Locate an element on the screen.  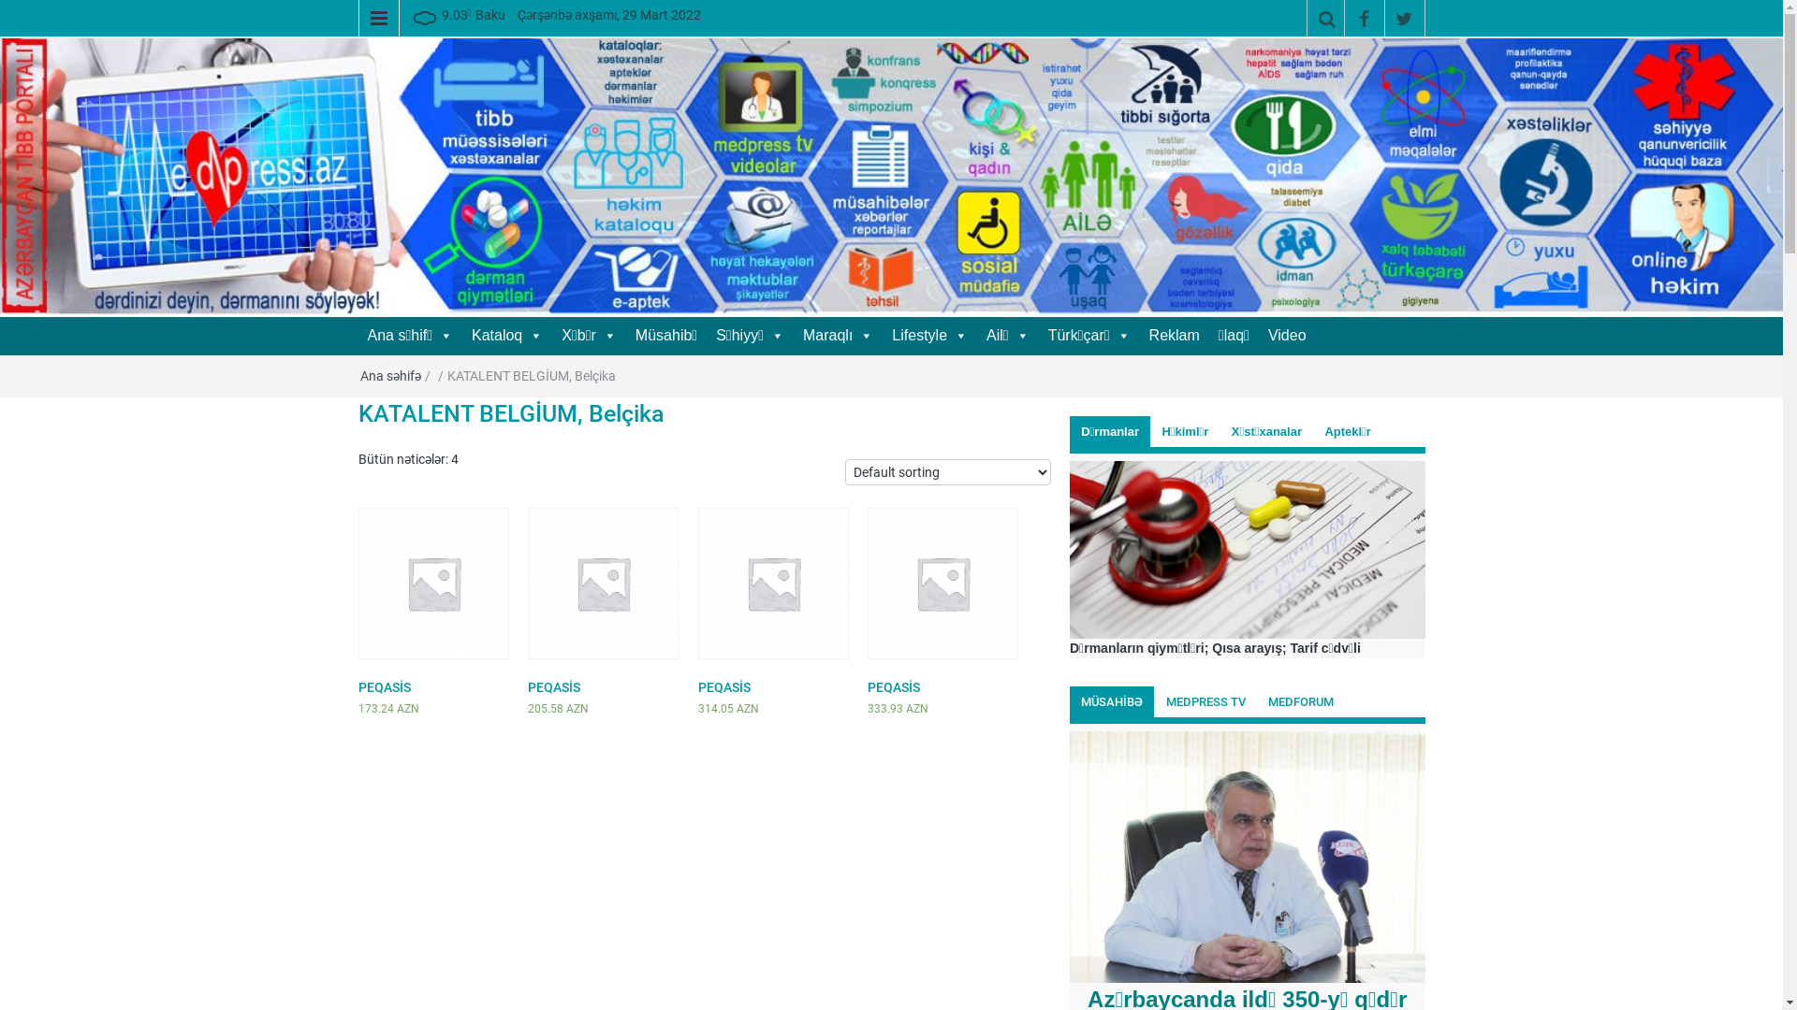
'Kataloq' is located at coordinates (462, 334).